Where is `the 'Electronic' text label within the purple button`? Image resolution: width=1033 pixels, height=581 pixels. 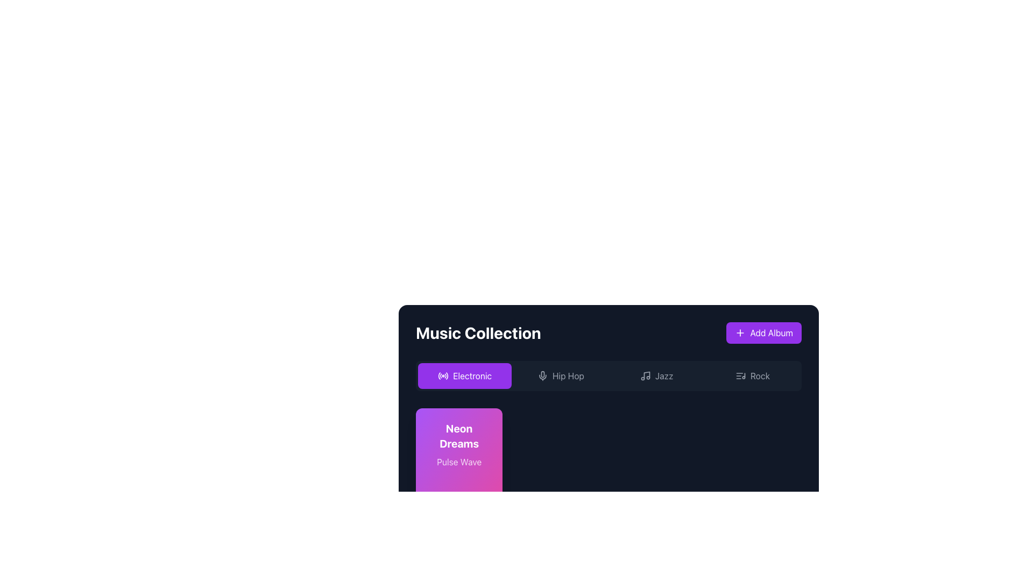 the 'Electronic' text label within the purple button is located at coordinates (472, 375).